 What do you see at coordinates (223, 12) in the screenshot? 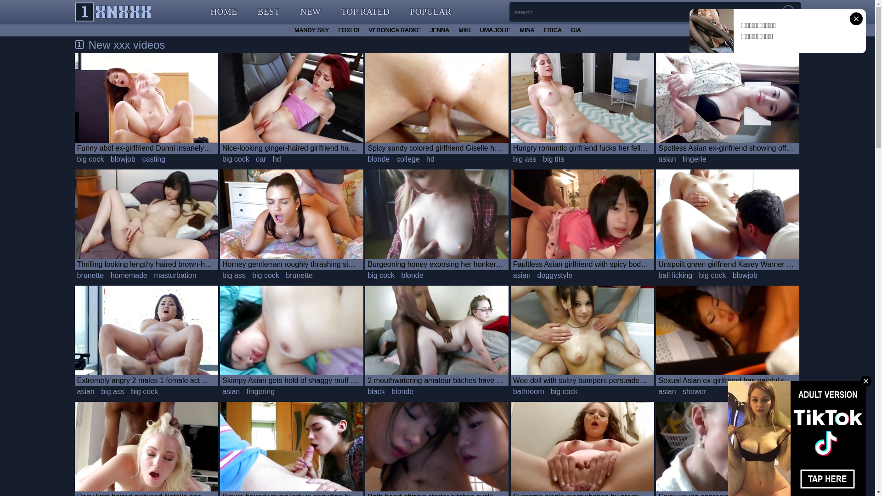
I see `'HOME'` at bounding box center [223, 12].